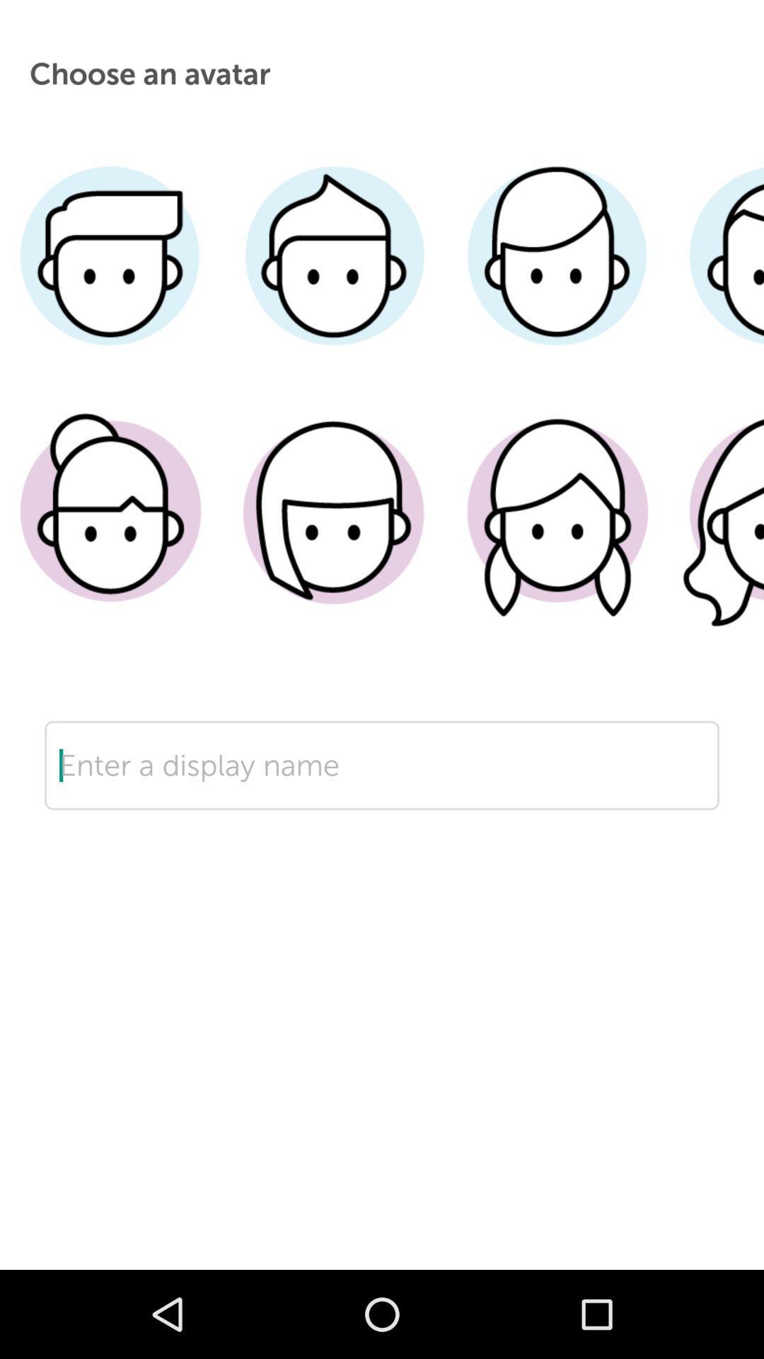 The height and width of the screenshot is (1359, 764). What do you see at coordinates (716, 277) in the screenshot?
I see `choose short hair male avatar` at bounding box center [716, 277].